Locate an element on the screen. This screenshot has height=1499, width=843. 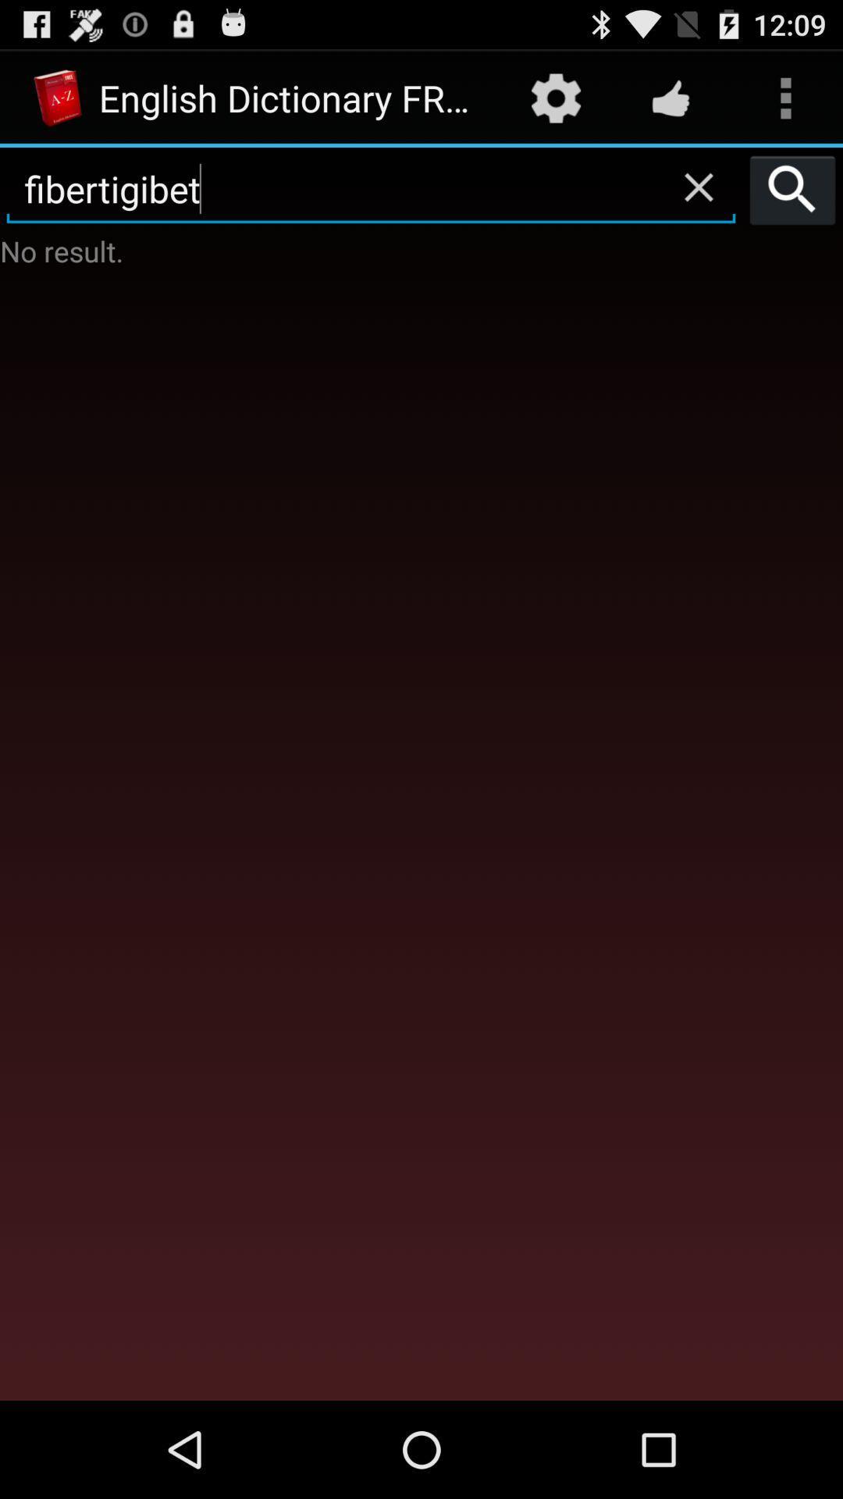
the search icon is located at coordinates (792, 202).